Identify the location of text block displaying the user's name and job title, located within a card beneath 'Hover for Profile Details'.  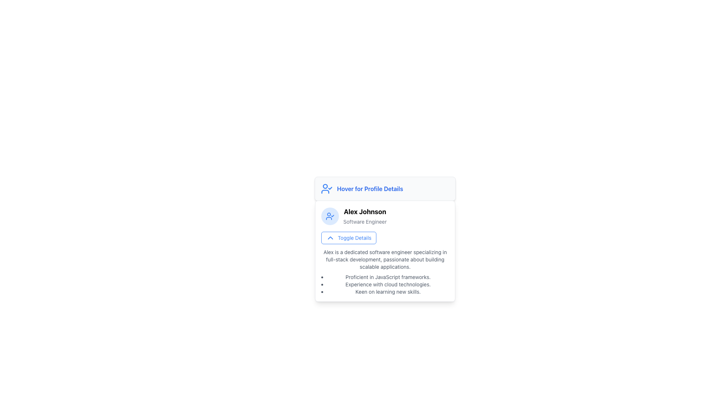
(365, 216).